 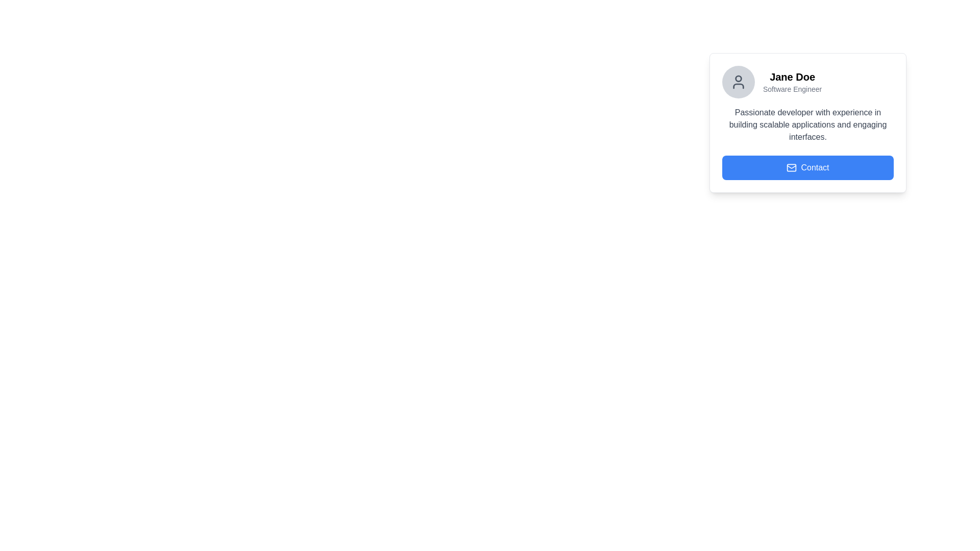 What do you see at coordinates (807, 124) in the screenshot?
I see `the descriptive text element providing a summary about Jane Doe, a Software Engineer` at bounding box center [807, 124].